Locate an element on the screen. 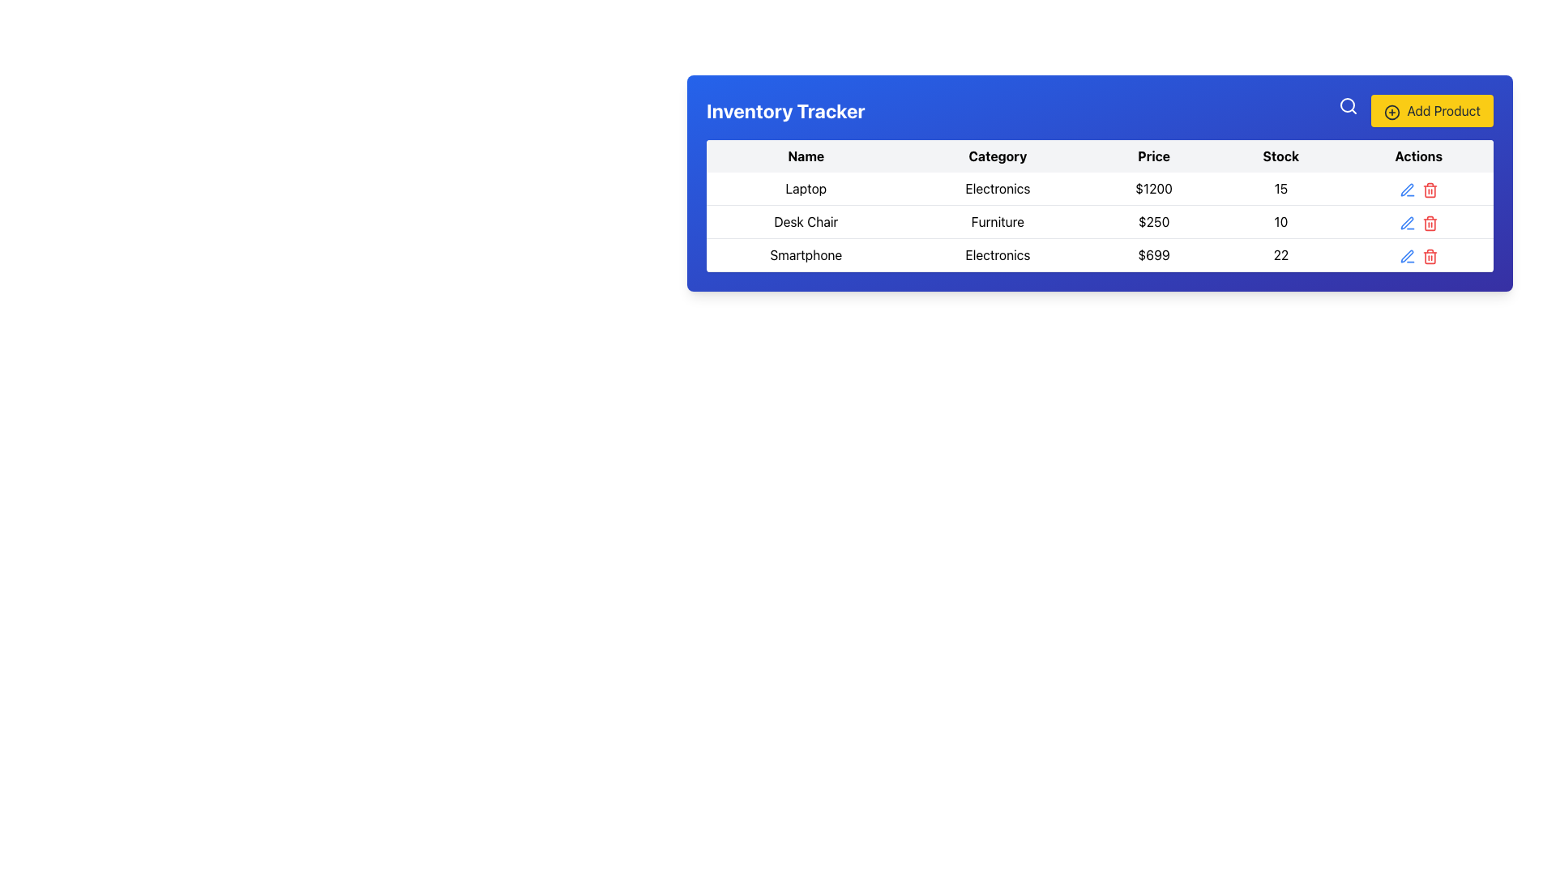  the 'Price' header in the inventory table, which is the third header cell between 'Category' and 'Stock' is located at coordinates (1153, 156).